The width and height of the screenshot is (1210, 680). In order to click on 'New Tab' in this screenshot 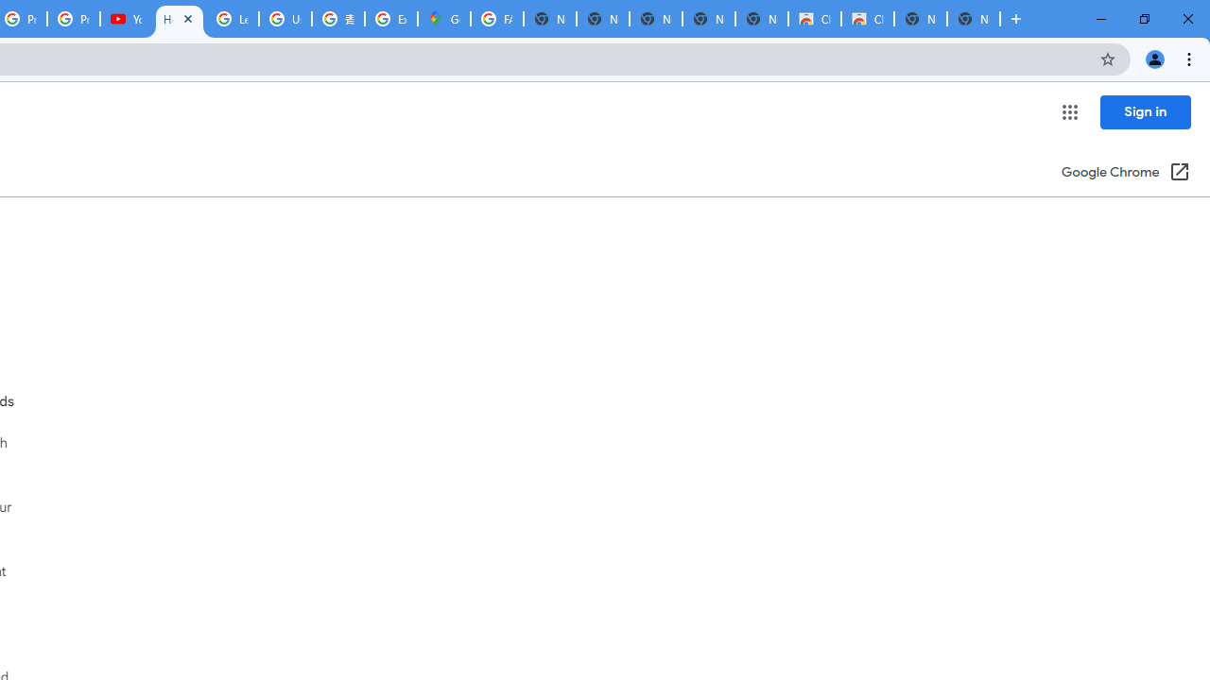, I will do `click(974, 19)`.